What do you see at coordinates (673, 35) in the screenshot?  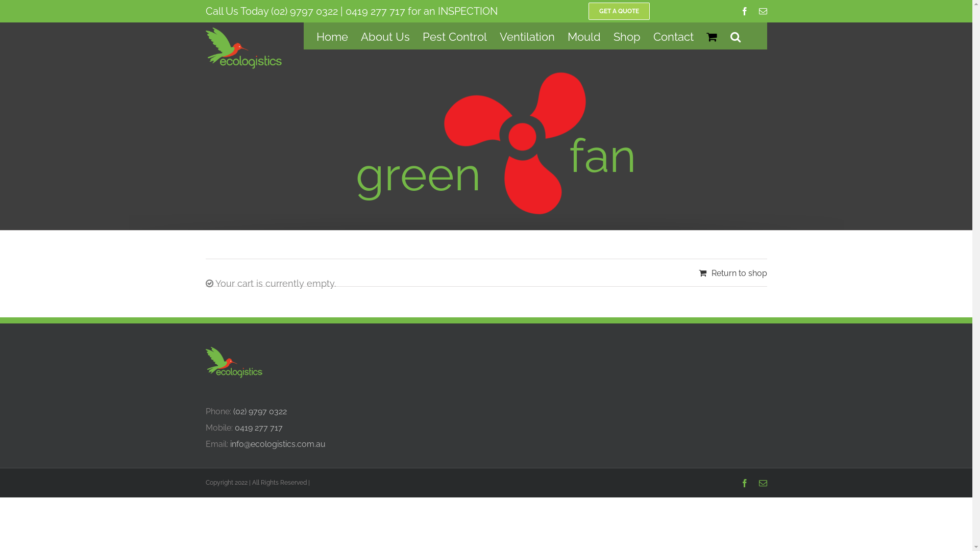 I see `'Contact'` at bounding box center [673, 35].